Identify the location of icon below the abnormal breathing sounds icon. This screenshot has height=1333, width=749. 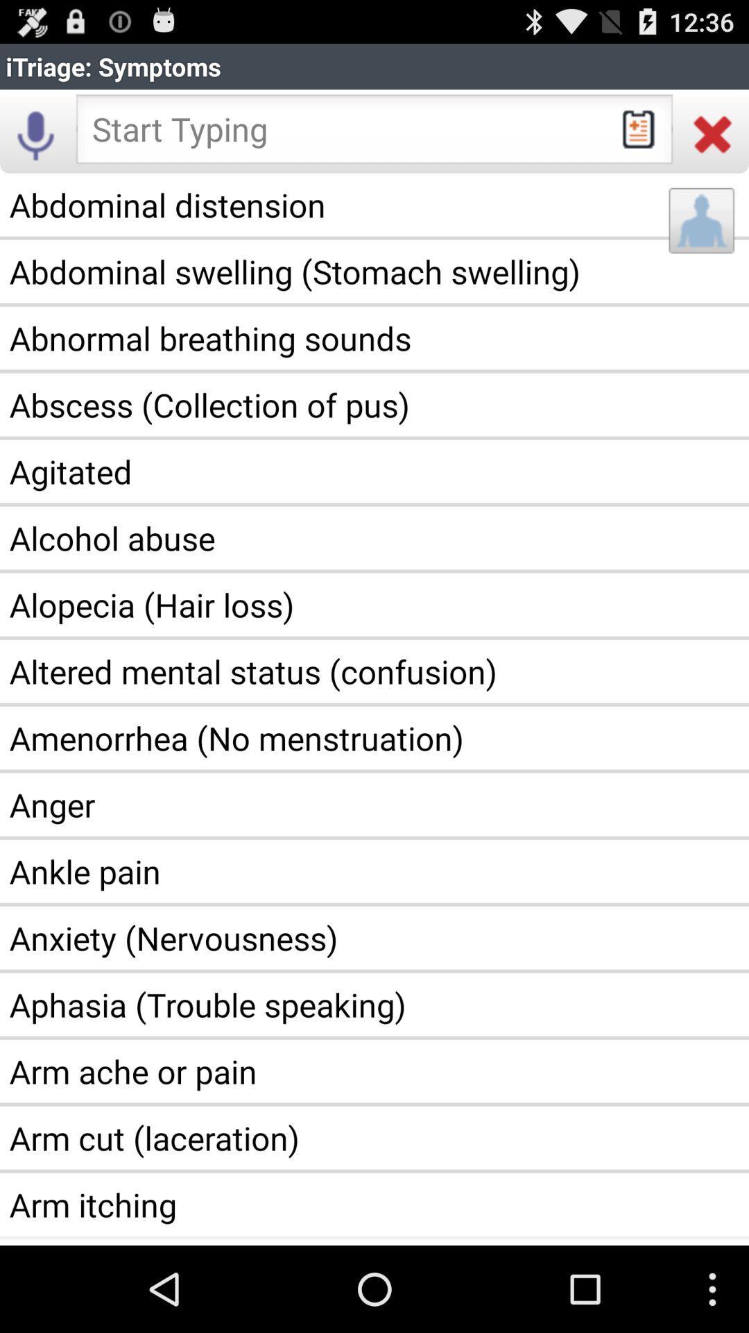
(374, 404).